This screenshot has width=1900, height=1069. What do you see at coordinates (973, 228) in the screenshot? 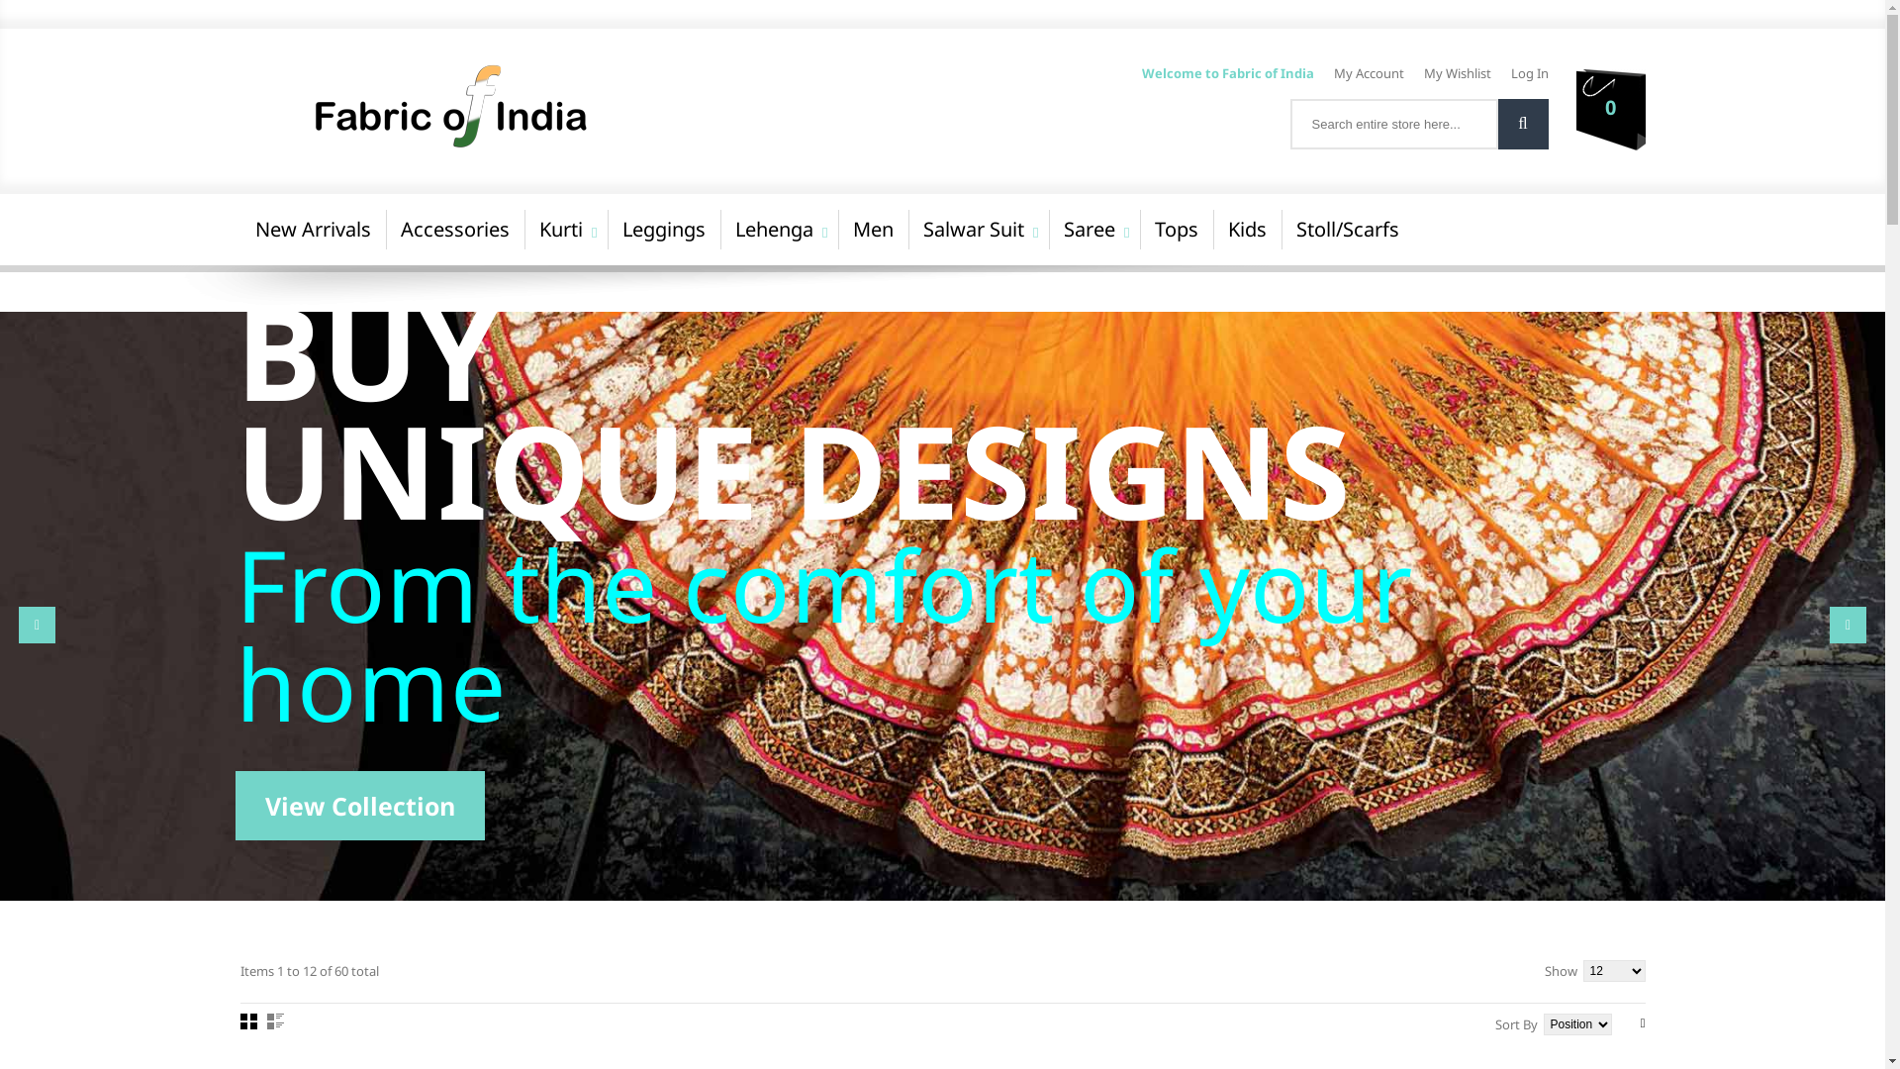
I see `'Salwar Suit'` at bounding box center [973, 228].